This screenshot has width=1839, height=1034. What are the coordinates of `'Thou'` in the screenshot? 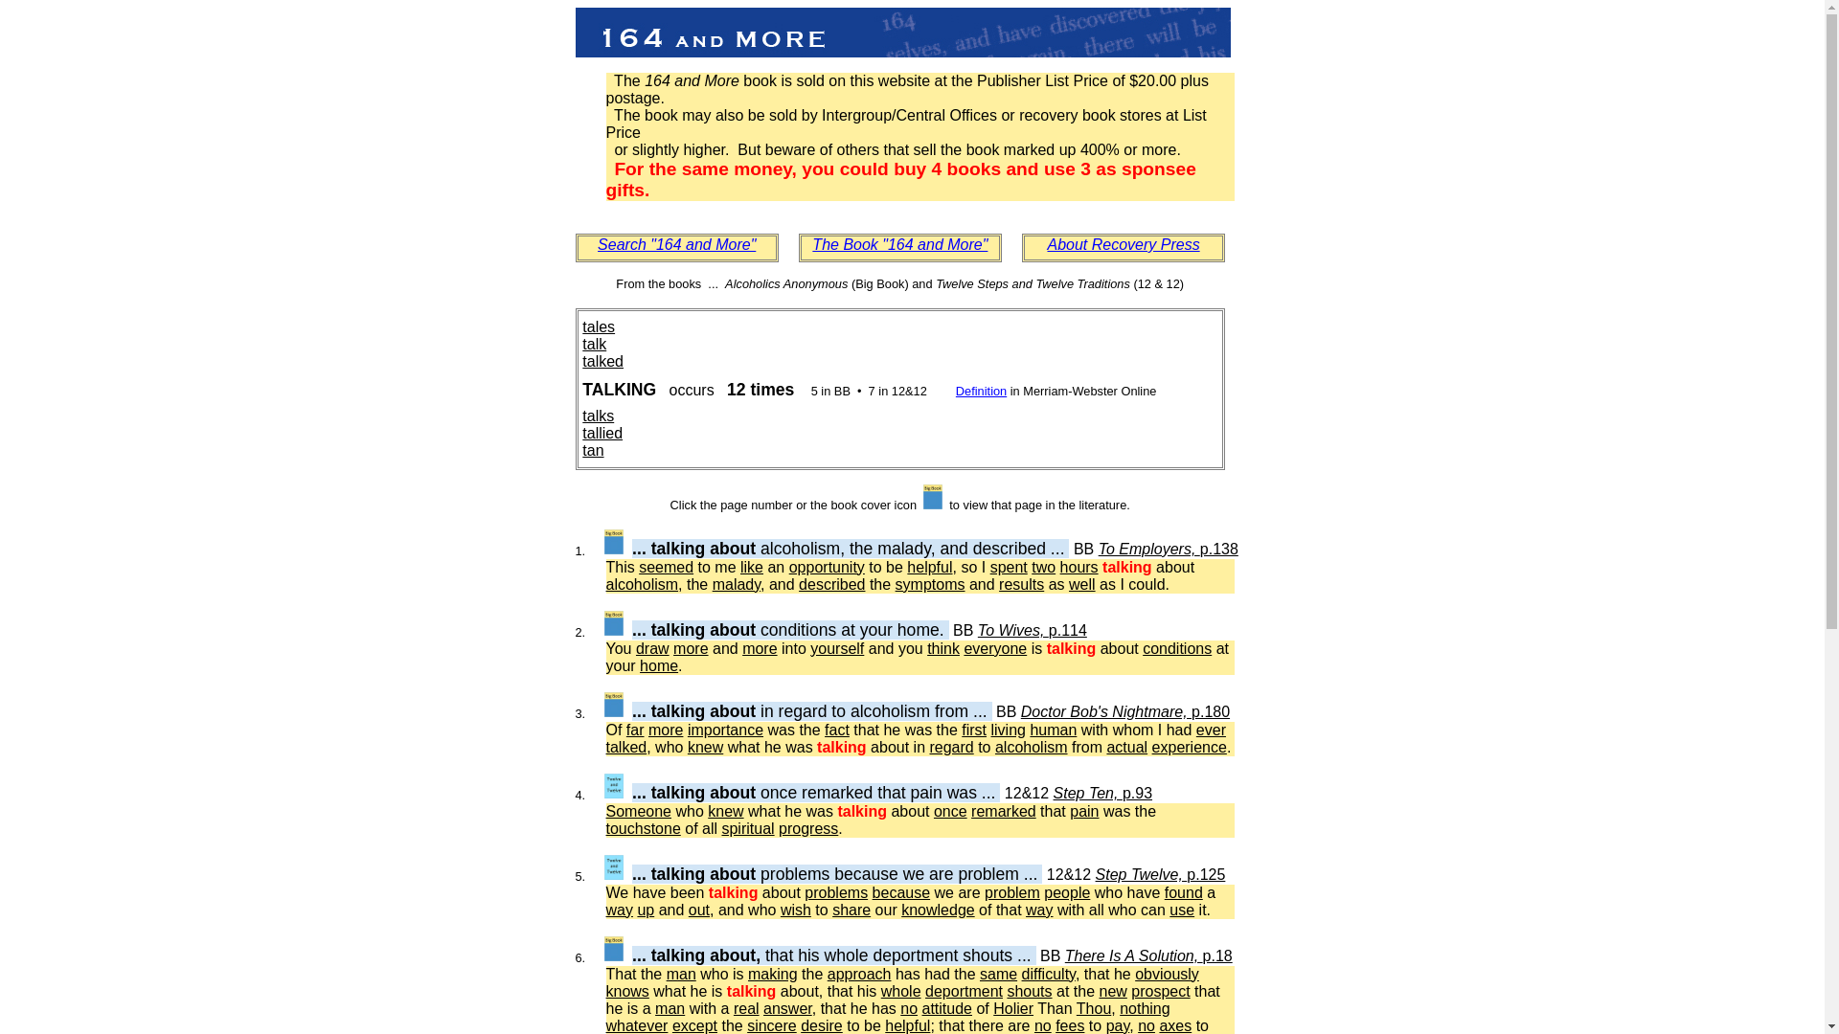 It's located at (1094, 1007).